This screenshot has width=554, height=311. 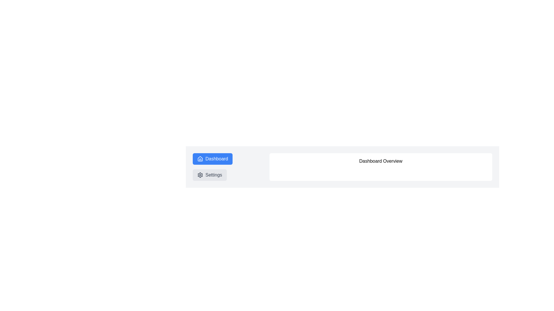 What do you see at coordinates (216, 159) in the screenshot?
I see `the 'Dashboard' text label located to the right of the house-shaped icon` at bounding box center [216, 159].